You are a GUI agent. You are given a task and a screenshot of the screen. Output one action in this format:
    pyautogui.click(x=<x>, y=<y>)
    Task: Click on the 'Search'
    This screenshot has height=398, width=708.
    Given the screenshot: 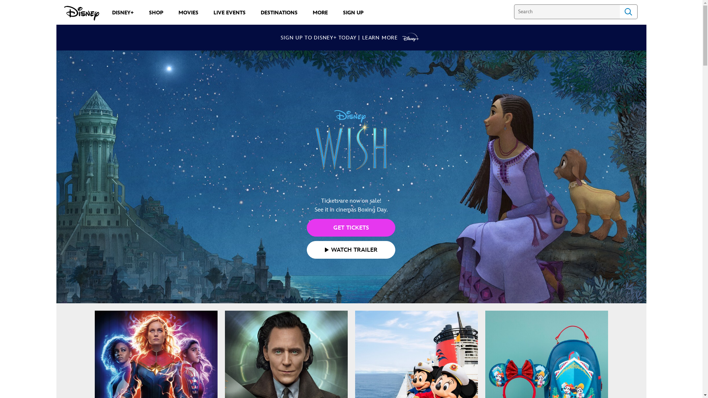 What is the action you would take?
    pyautogui.click(x=628, y=11)
    